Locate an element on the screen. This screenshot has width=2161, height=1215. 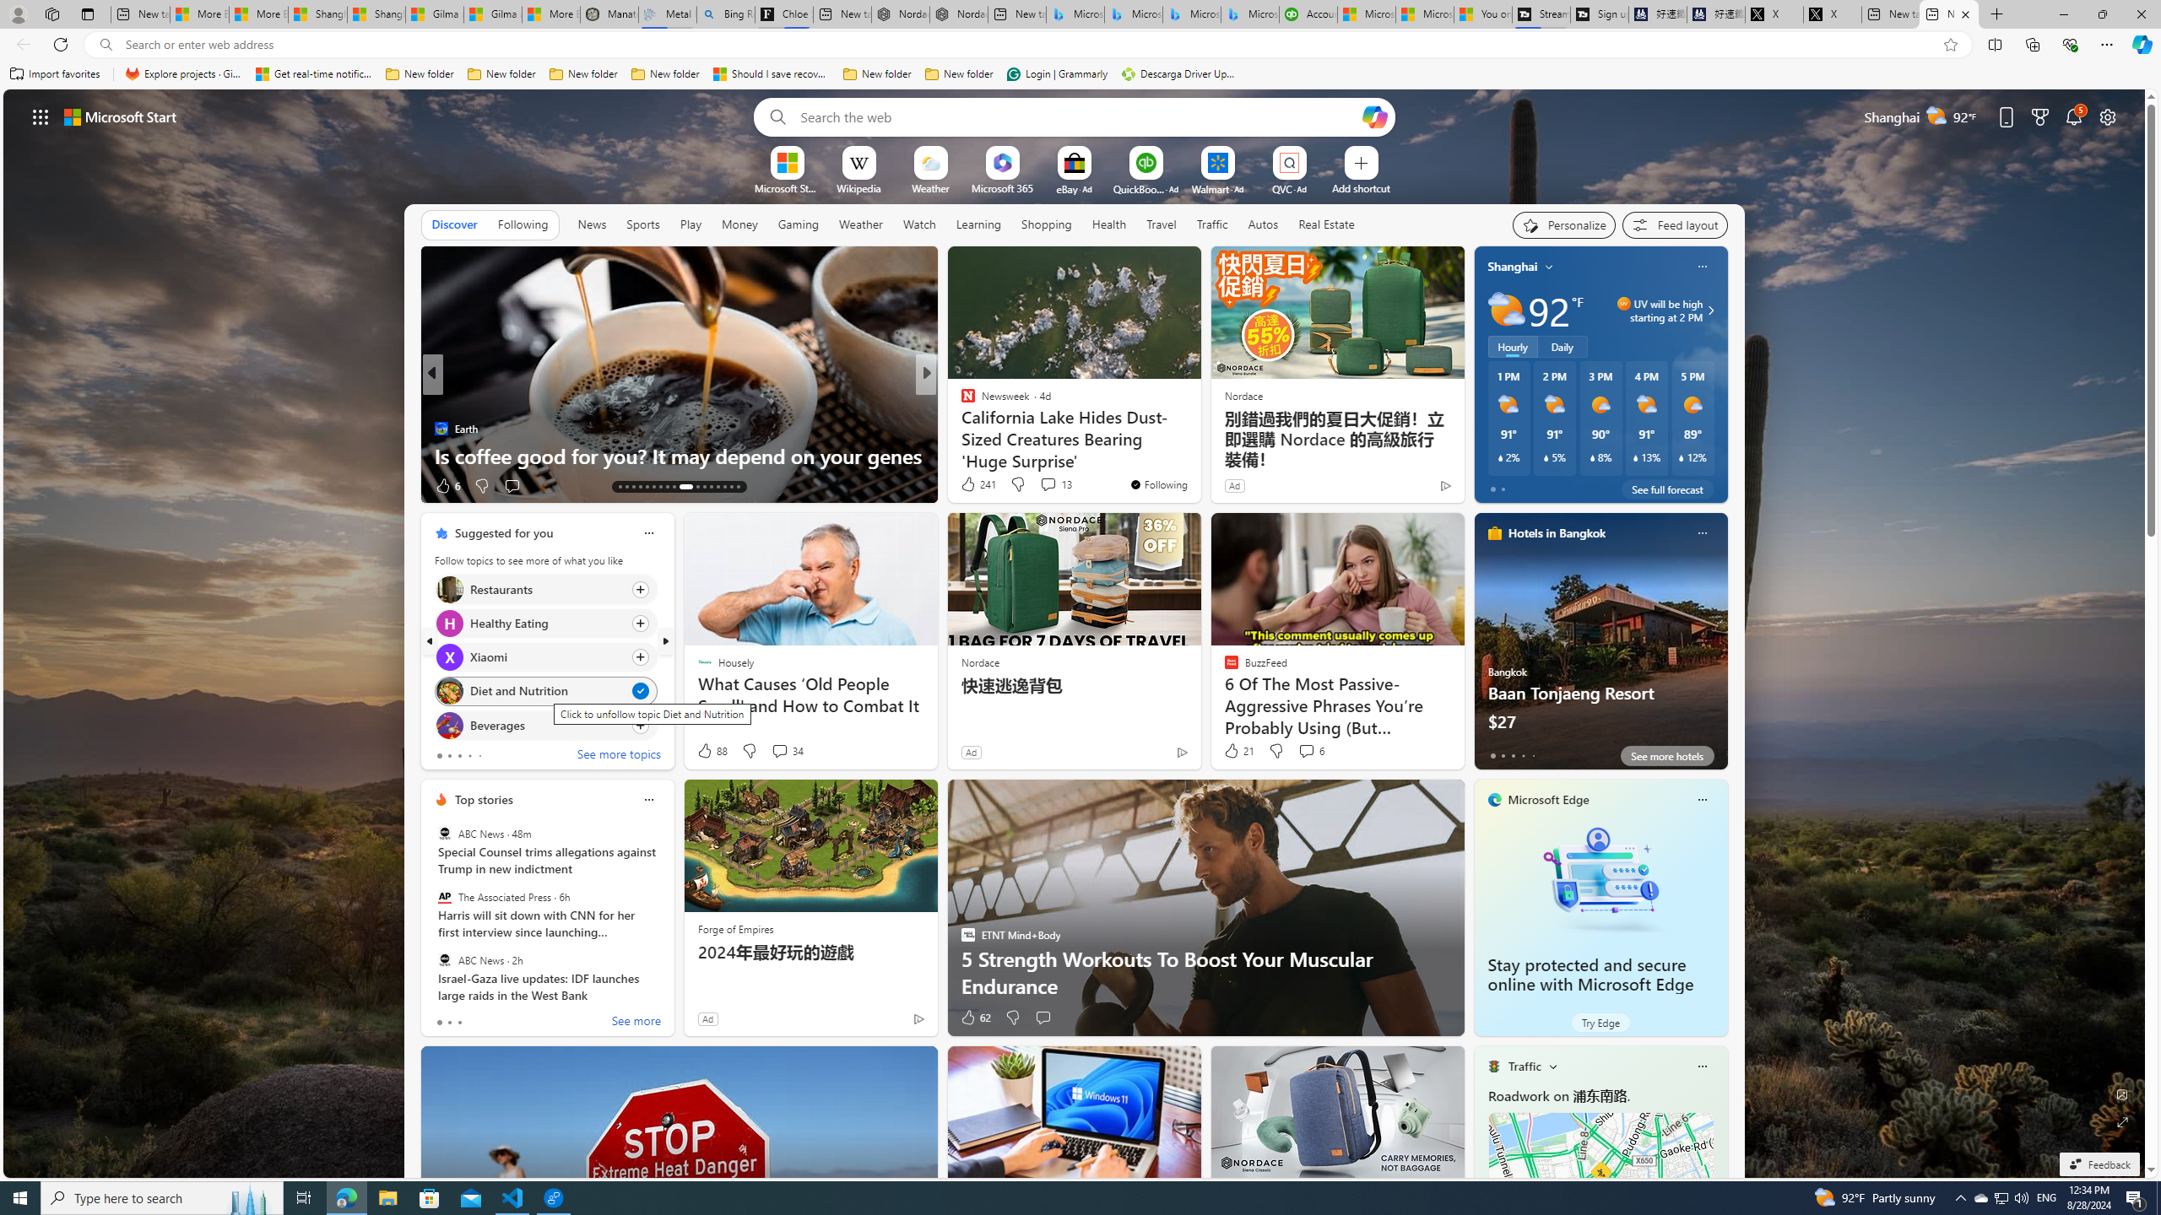
'Chloe Sorvino' is located at coordinates (784, 13).